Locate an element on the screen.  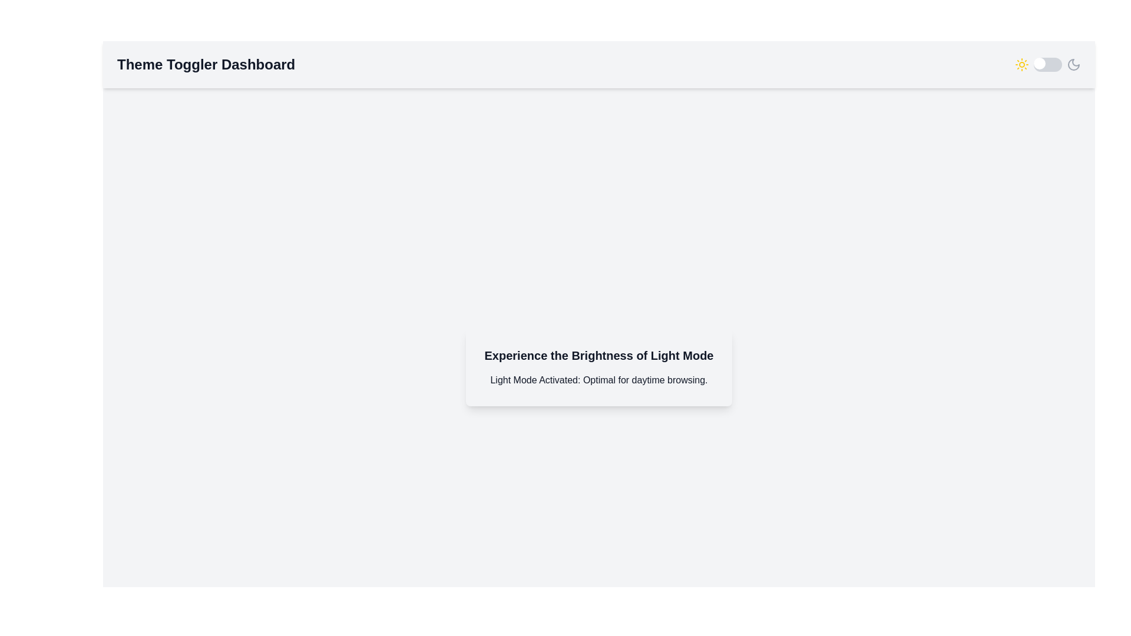
the toggle switch located at the top-right corner of the interface, which is styled as a rounded rectangle with a smooth gray background, to change the theme is located at coordinates (1048, 65).